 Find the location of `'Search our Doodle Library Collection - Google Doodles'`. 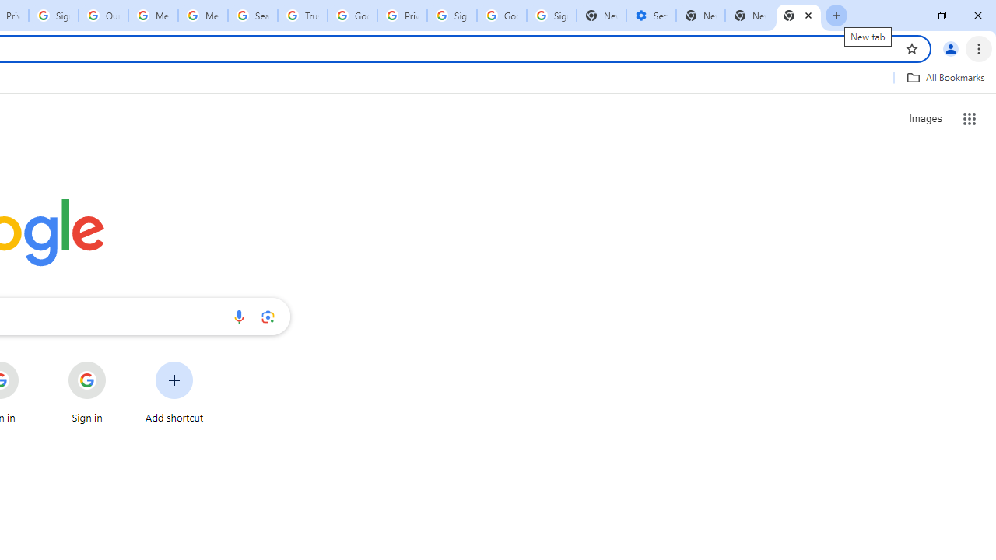

'Search our Doodle Library Collection - Google Doodles' is located at coordinates (253, 16).